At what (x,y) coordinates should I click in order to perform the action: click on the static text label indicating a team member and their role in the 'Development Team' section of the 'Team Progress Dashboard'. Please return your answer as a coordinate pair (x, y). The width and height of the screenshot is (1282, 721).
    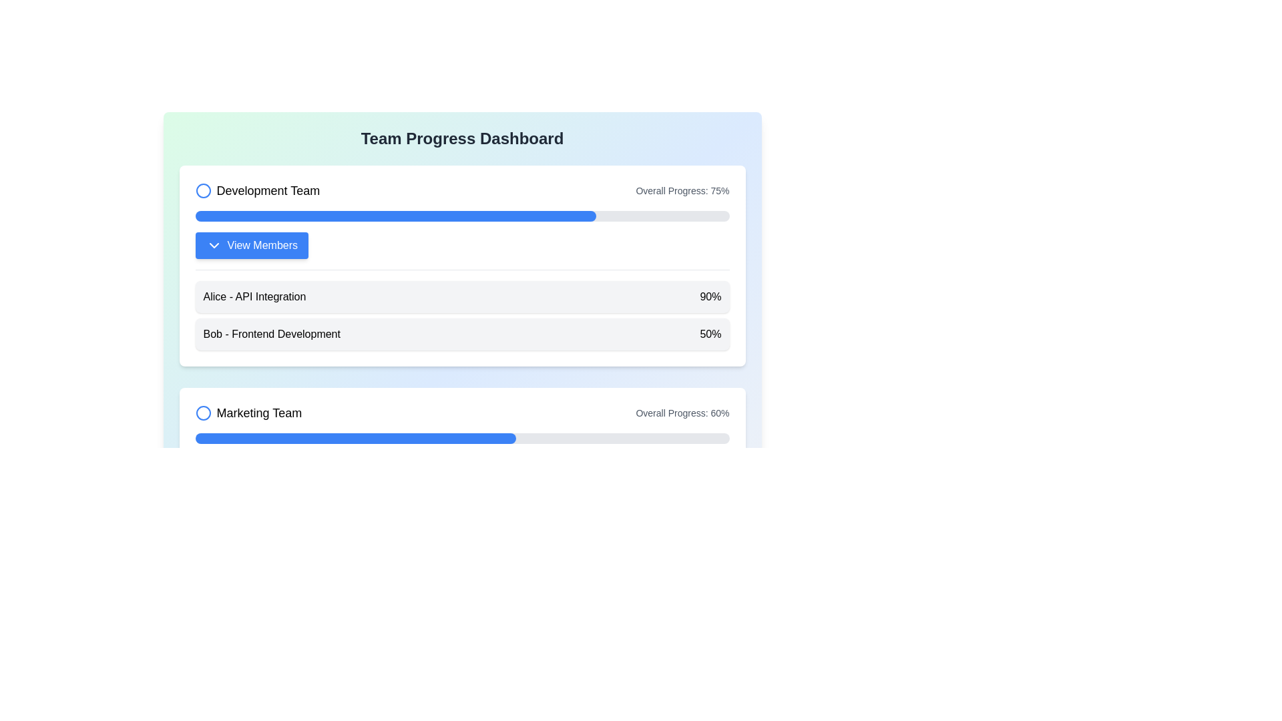
    Looking at the image, I should click on (254, 296).